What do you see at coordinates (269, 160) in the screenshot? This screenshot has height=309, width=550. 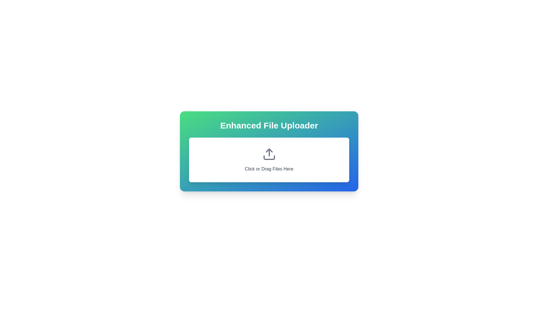 I see `the File Upload Box located centrally within the card area, which has a gradient background and is labeled 'Enhanced File Uploader'` at bounding box center [269, 160].